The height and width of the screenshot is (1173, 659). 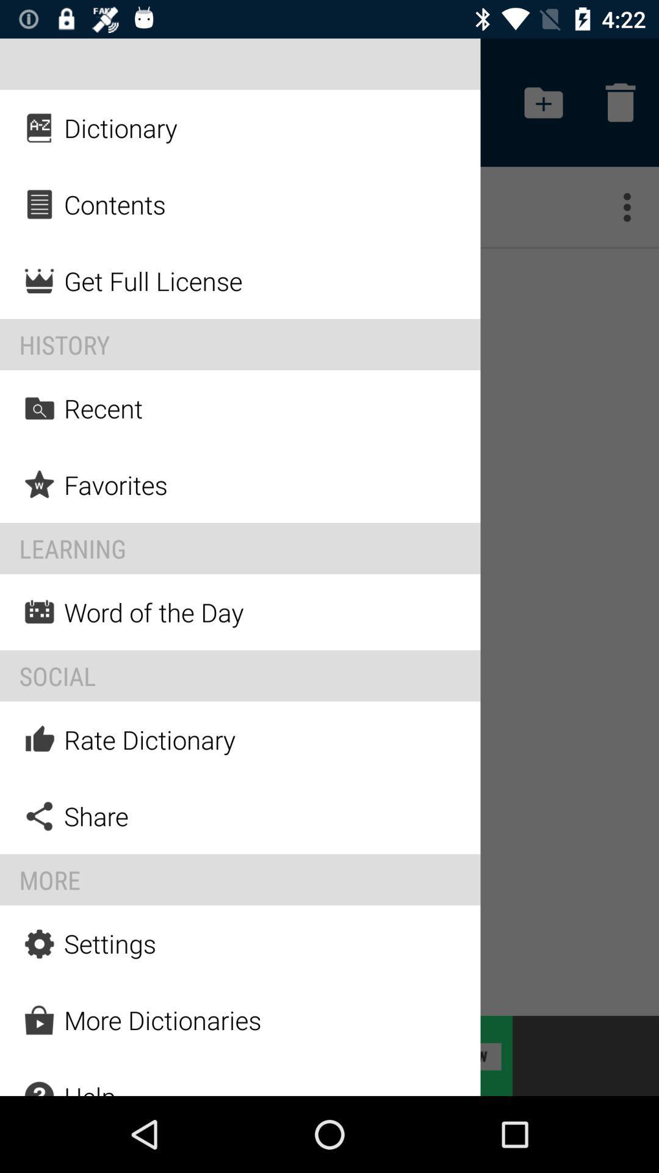 What do you see at coordinates (39, 484) in the screenshot?
I see `the favorites icon on the web page` at bounding box center [39, 484].